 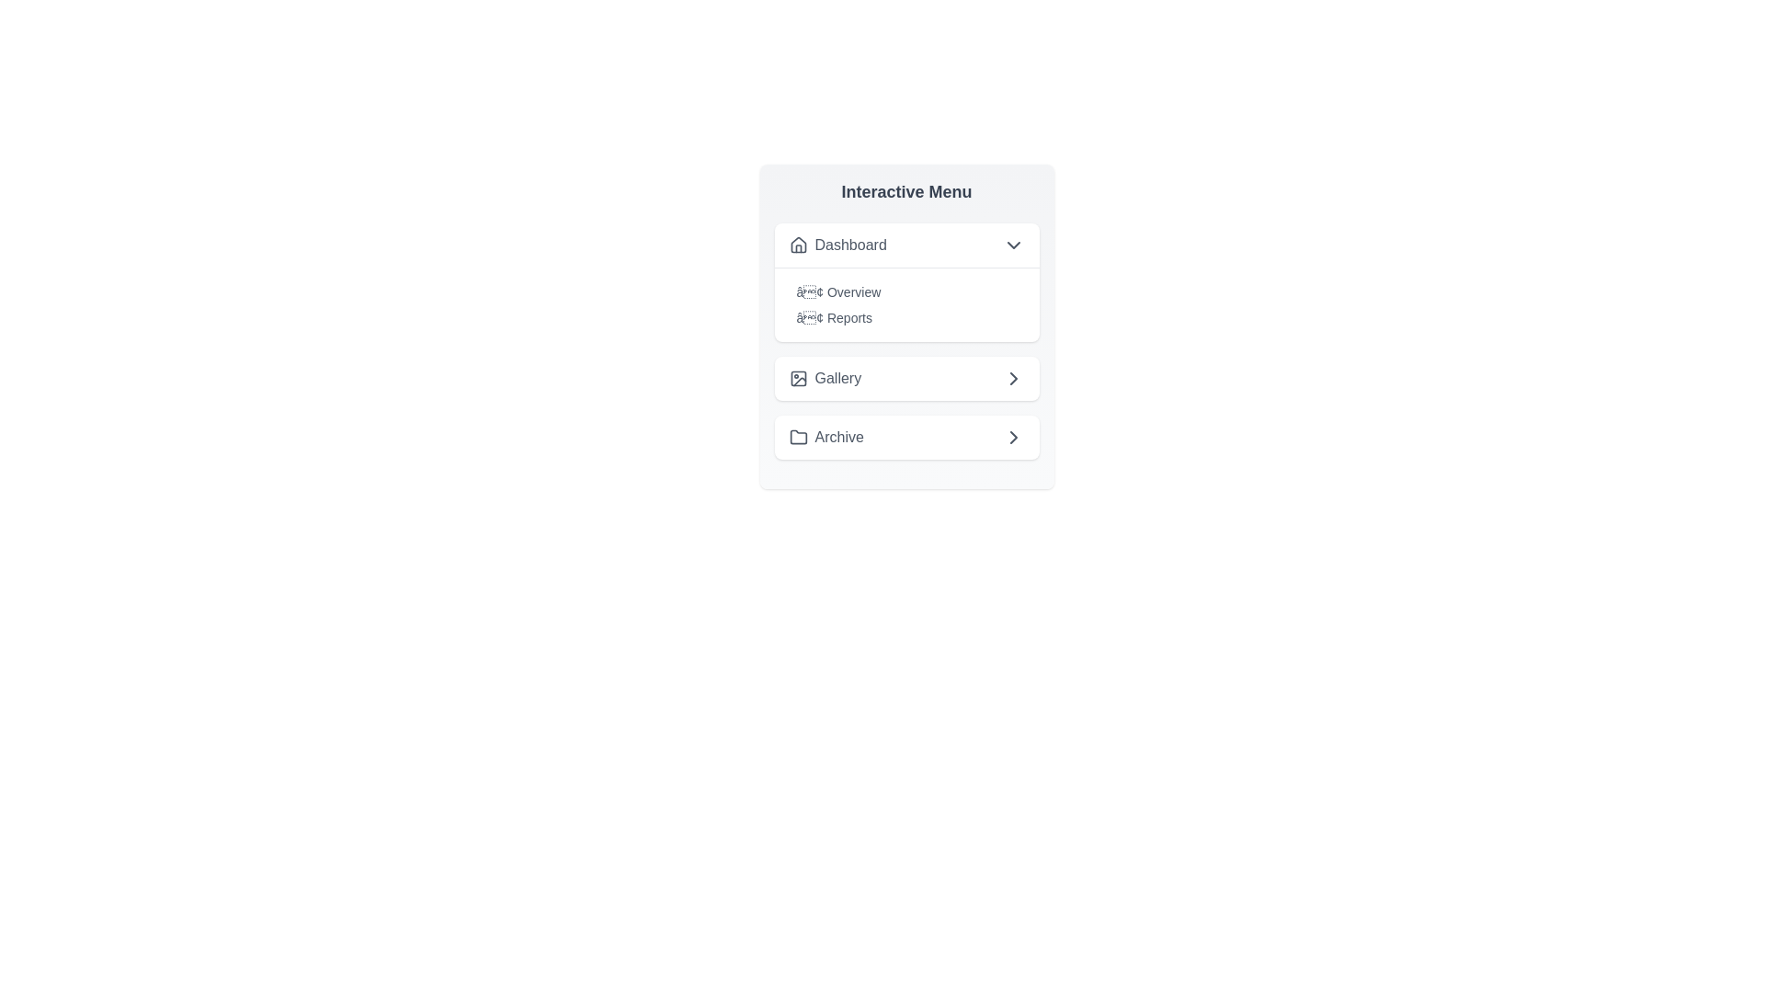 What do you see at coordinates (906, 291) in the screenshot?
I see `the subsection item Overview under the section Dashboard` at bounding box center [906, 291].